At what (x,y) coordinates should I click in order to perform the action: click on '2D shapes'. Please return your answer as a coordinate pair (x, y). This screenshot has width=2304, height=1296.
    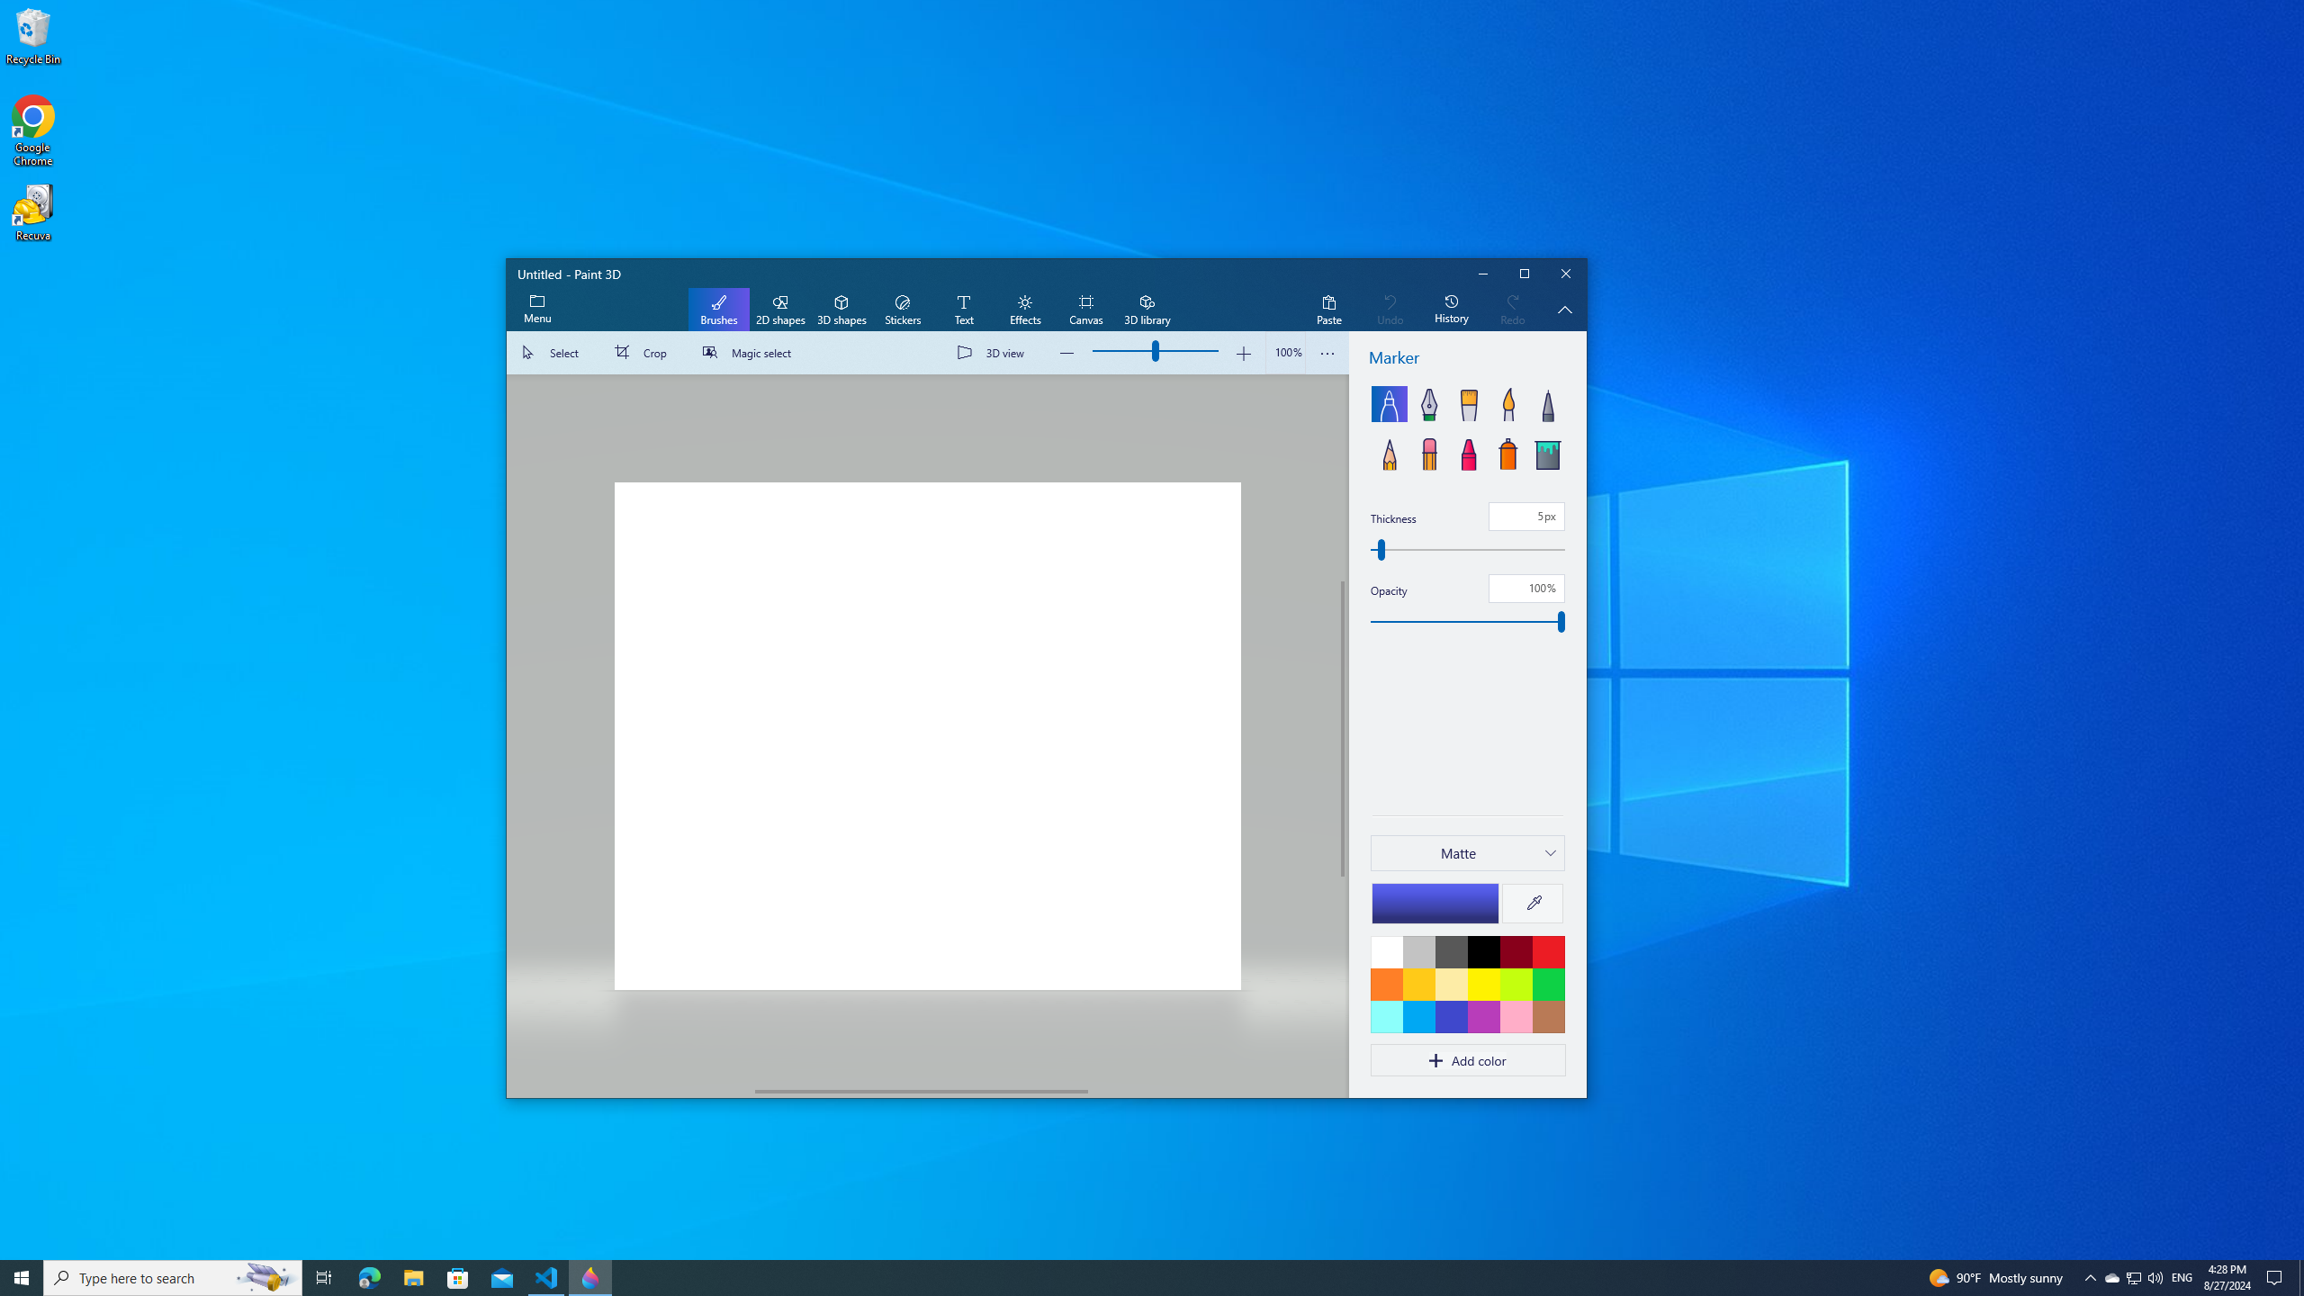
    Looking at the image, I should click on (778, 310).